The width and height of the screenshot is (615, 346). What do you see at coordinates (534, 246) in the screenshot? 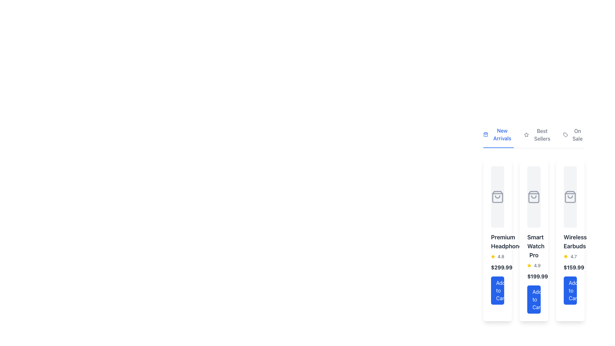
I see `text label that identifies the product on display in the second product card under the 'New Arrivals' section, located below the product image and above the rating and price information` at bounding box center [534, 246].